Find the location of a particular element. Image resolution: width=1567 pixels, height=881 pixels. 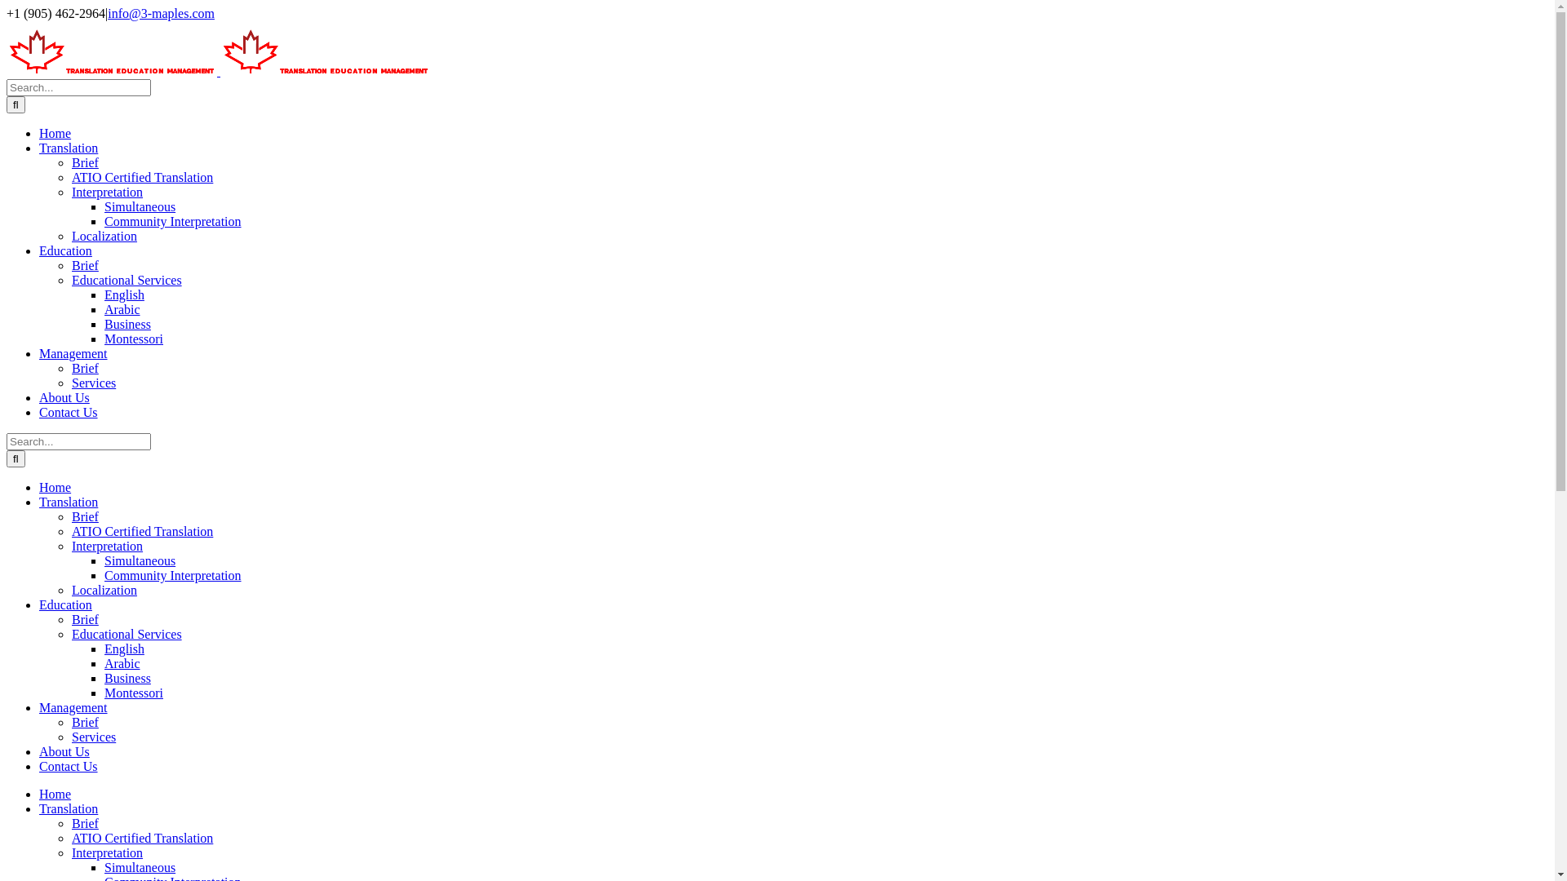

'Skip to content' is located at coordinates (5, 6).